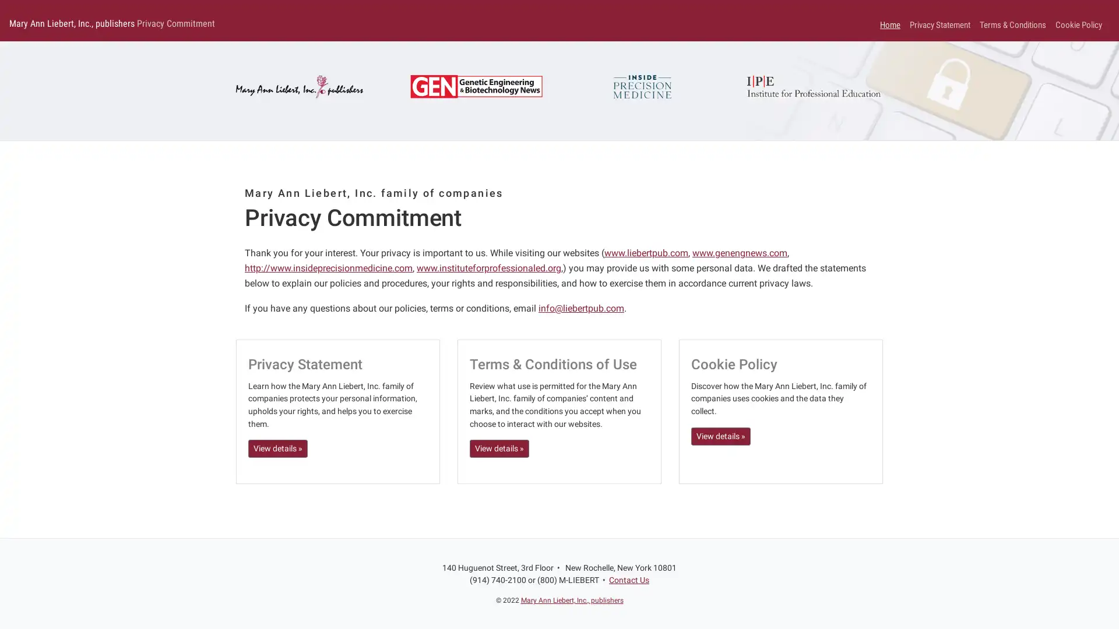  I want to click on View details, so click(277, 448).